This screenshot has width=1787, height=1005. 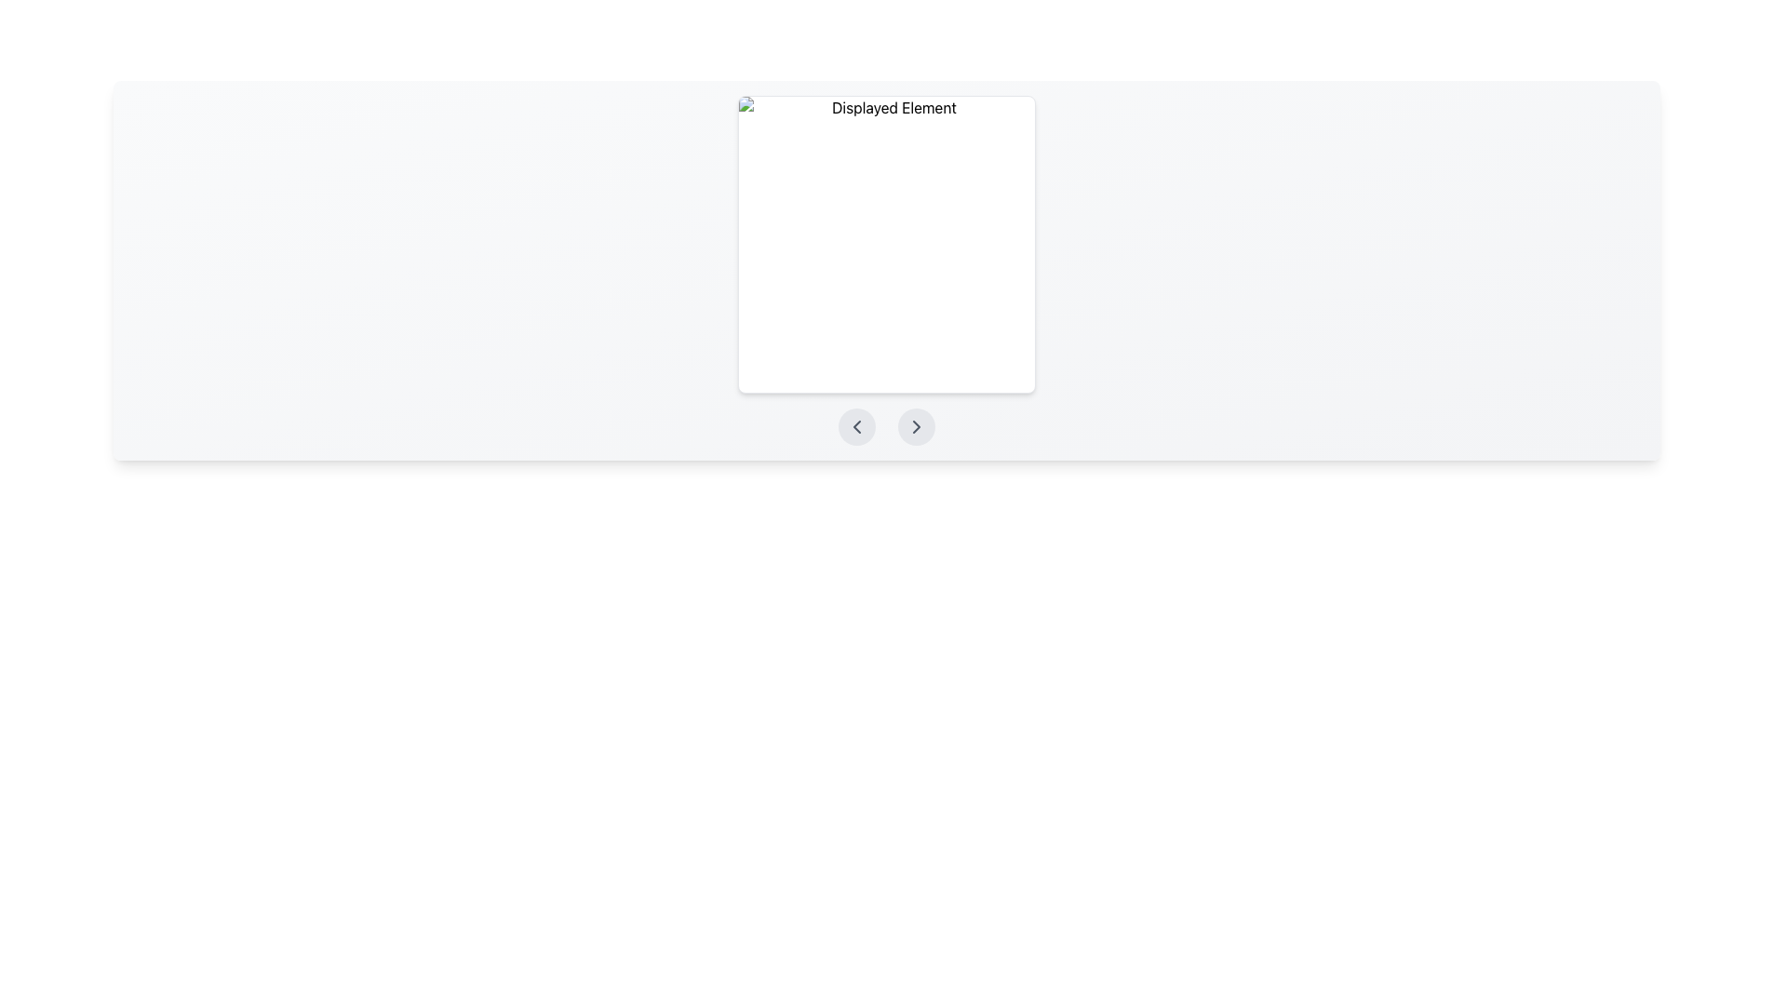 What do you see at coordinates (856, 427) in the screenshot?
I see `the left-pointing chevron icon located inside a circular button at the bottom of the card` at bounding box center [856, 427].